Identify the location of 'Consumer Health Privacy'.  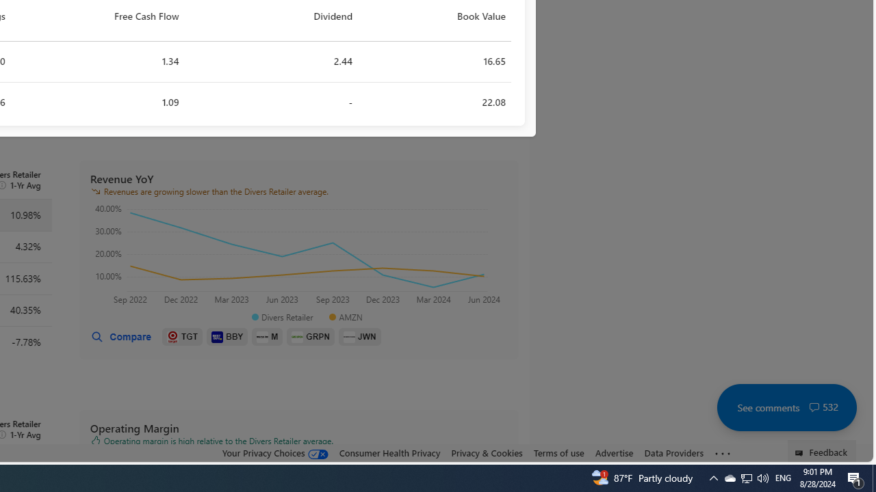
(389, 452).